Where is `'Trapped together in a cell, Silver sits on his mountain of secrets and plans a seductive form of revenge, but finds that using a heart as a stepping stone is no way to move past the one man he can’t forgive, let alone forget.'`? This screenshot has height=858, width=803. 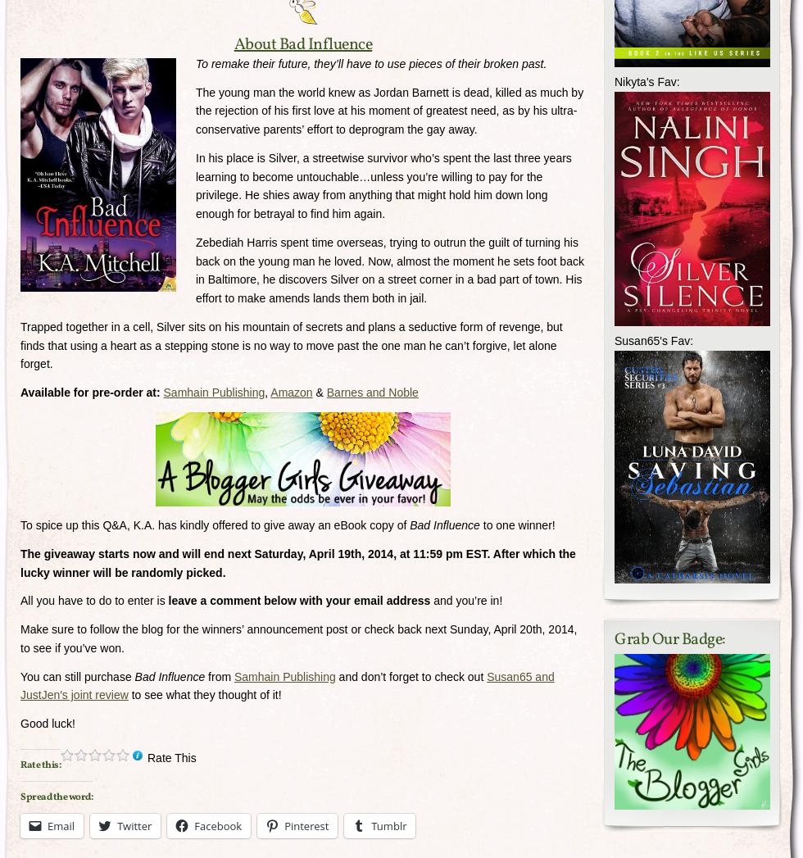
'Trapped together in a cell, Silver sits on his mountain of secrets and plans a seductive form of revenge, but finds that using a heart as a stepping stone is no way to move past the one man he can’t forgive, let alone forget.' is located at coordinates (20, 343).